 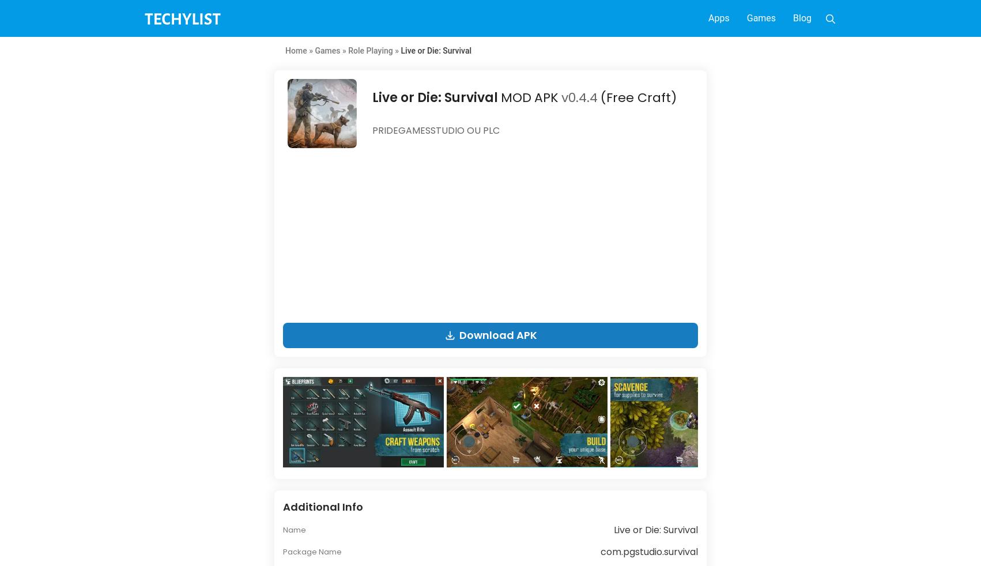 I want to click on 'v0.4.4', so click(x=579, y=97).